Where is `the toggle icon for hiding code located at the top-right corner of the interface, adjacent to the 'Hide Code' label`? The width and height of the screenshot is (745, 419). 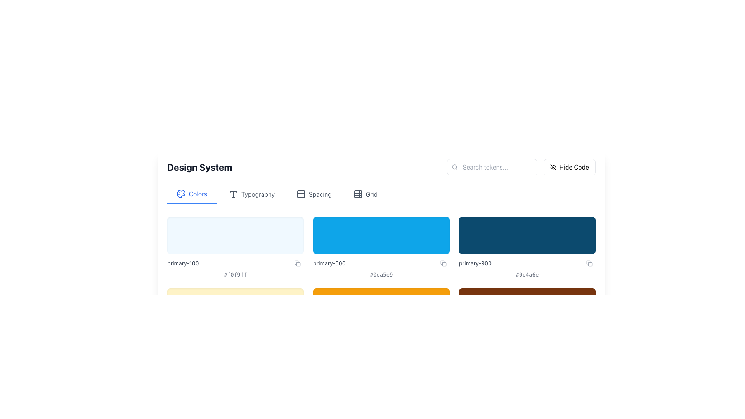 the toggle icon for hiding code located at the top-right corner of the interface, adjacent to the 'Hide Code' label is located at coordinates (553, 167).